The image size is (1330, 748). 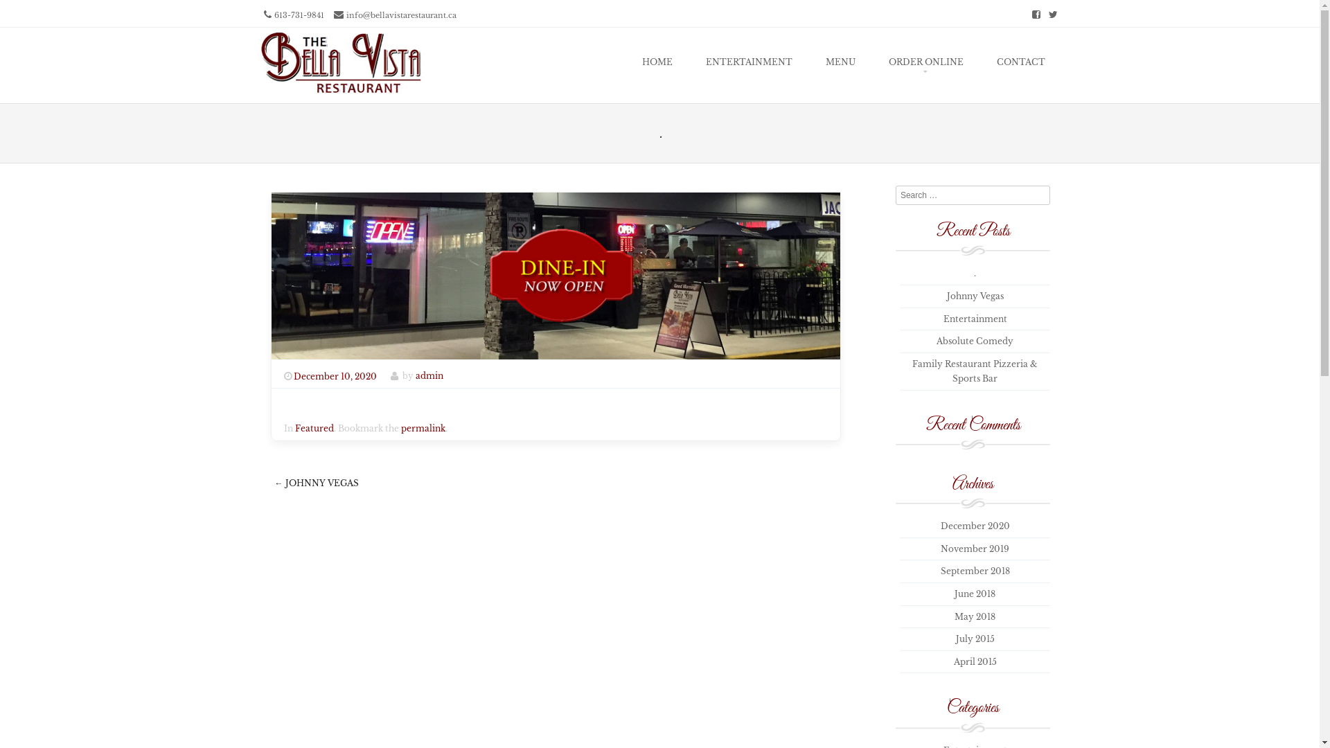 I want to click on 'July 2015', so click(x=955, y=639).